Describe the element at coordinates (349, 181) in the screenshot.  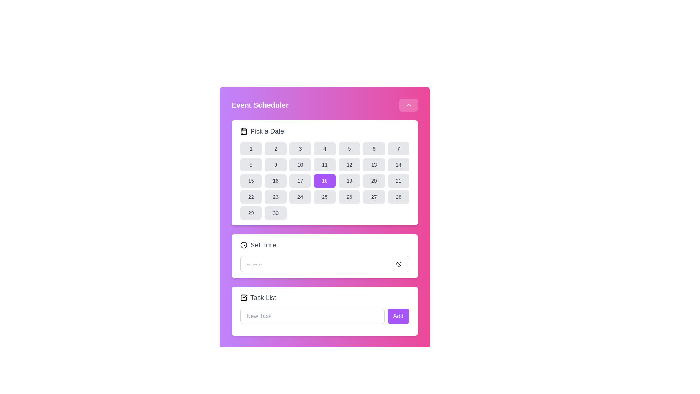
I see `the interactive date selector button in the calendar grid` at that location.